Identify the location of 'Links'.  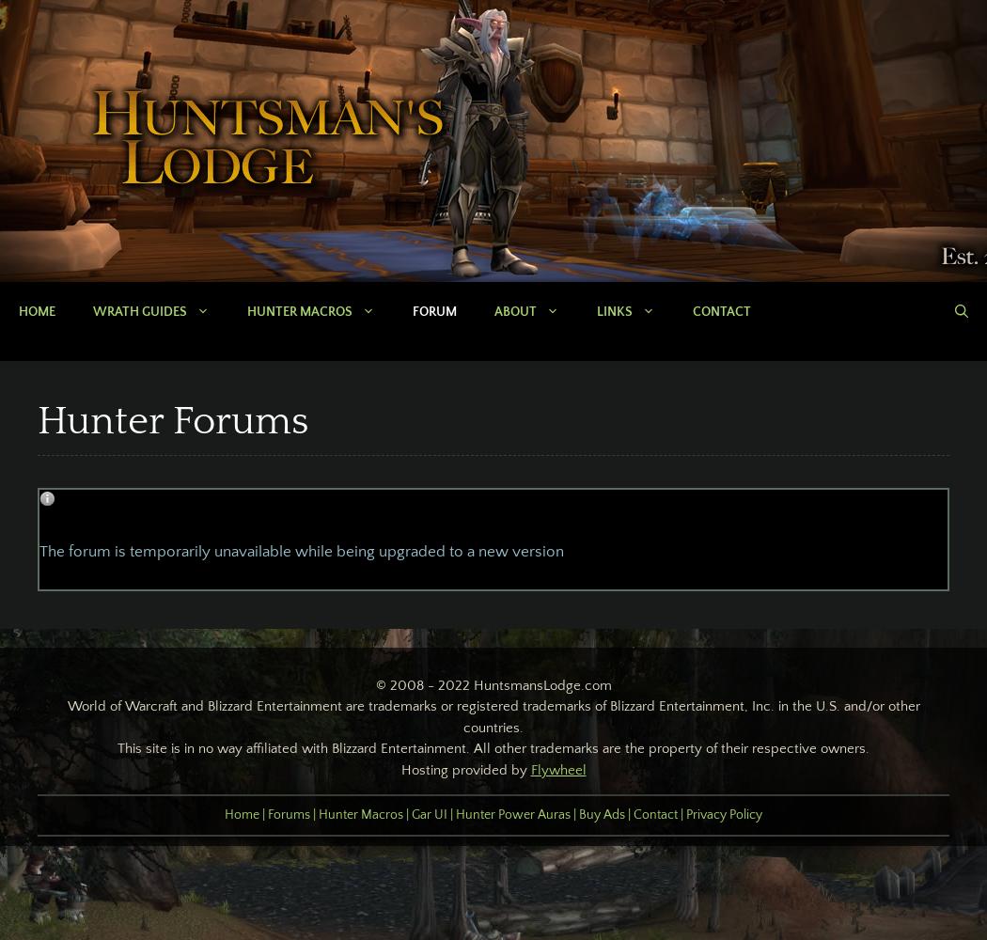
(614, 311).